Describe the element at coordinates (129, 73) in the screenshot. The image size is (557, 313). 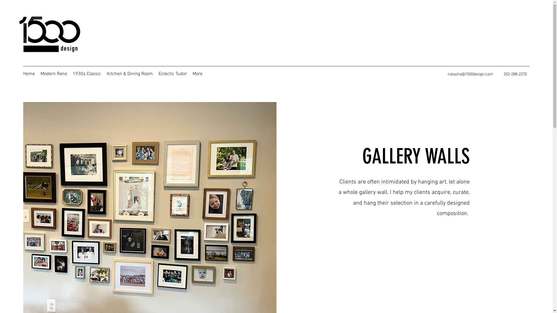
I see `'Kitchen & Dining Room'` at that location.